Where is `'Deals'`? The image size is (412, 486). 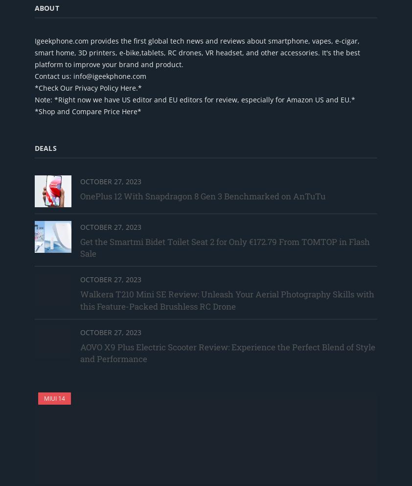
'Deals' is located at coordinates (45, 147).